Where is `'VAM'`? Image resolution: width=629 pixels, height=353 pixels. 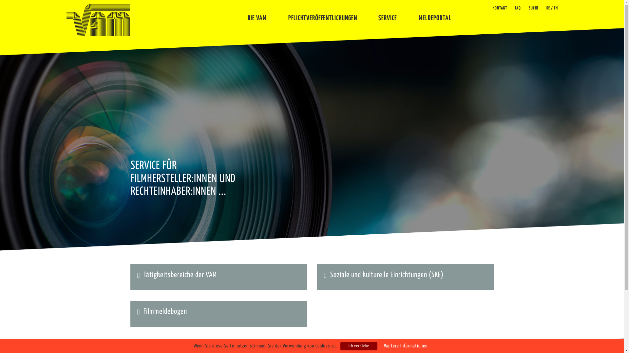
'VAM' is located at coordinates (97, 20).